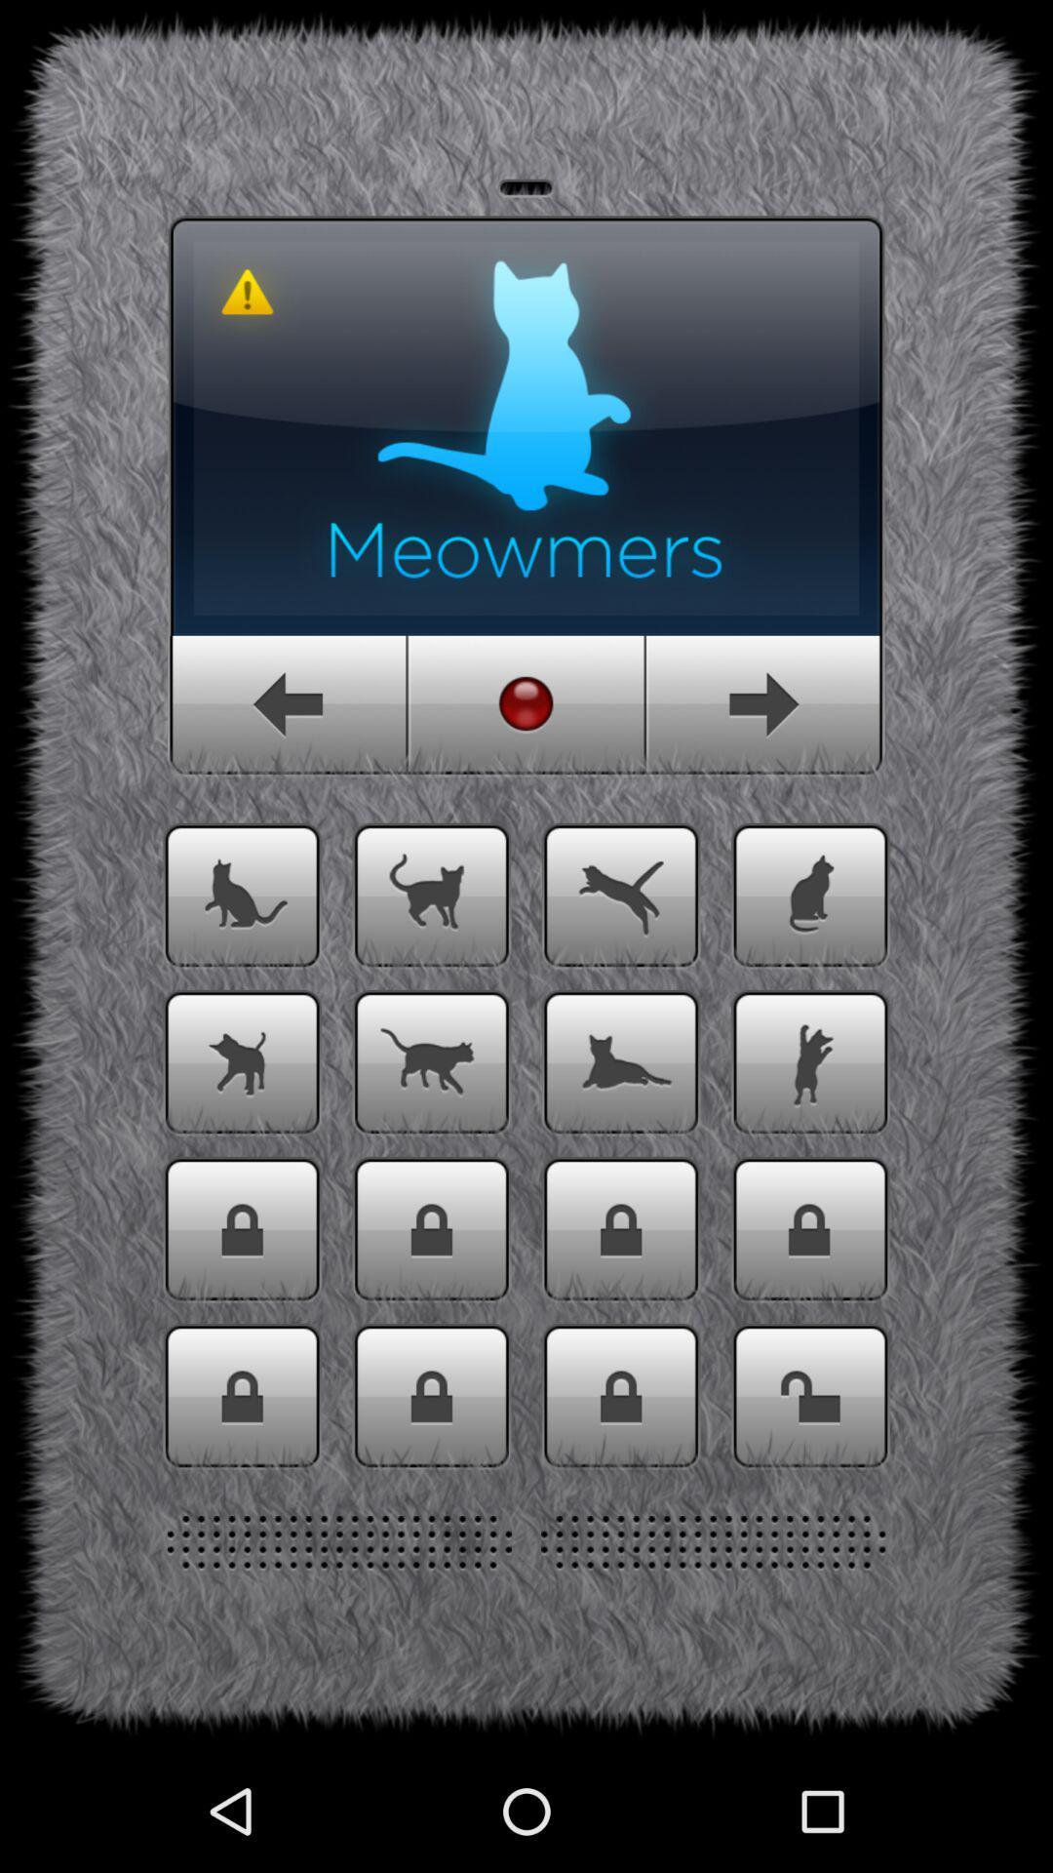  What do you see at coordinates (810, 1504) in the screenshot?
I see `the lock icon` at bounding box center [810, 1504].